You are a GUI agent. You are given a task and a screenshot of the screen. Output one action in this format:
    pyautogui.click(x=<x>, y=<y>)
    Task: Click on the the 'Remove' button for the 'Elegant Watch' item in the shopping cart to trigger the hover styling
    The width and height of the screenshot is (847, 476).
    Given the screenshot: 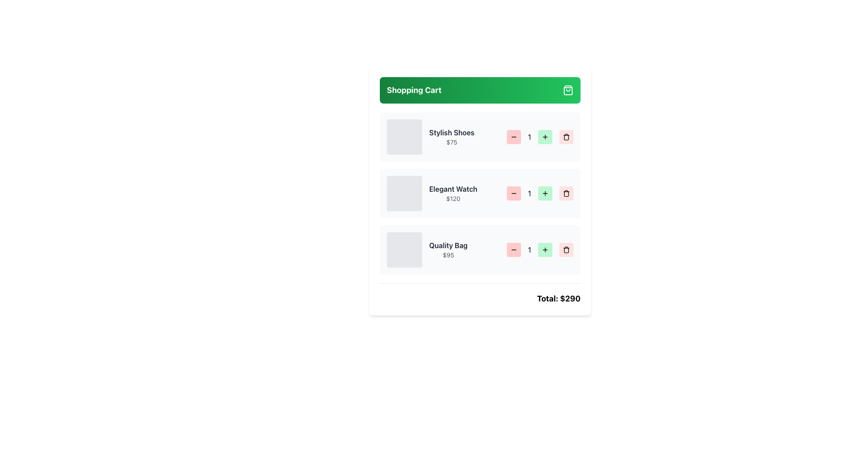 What is the action you would take?
    pyautogui.click(x=566, y=193)
    